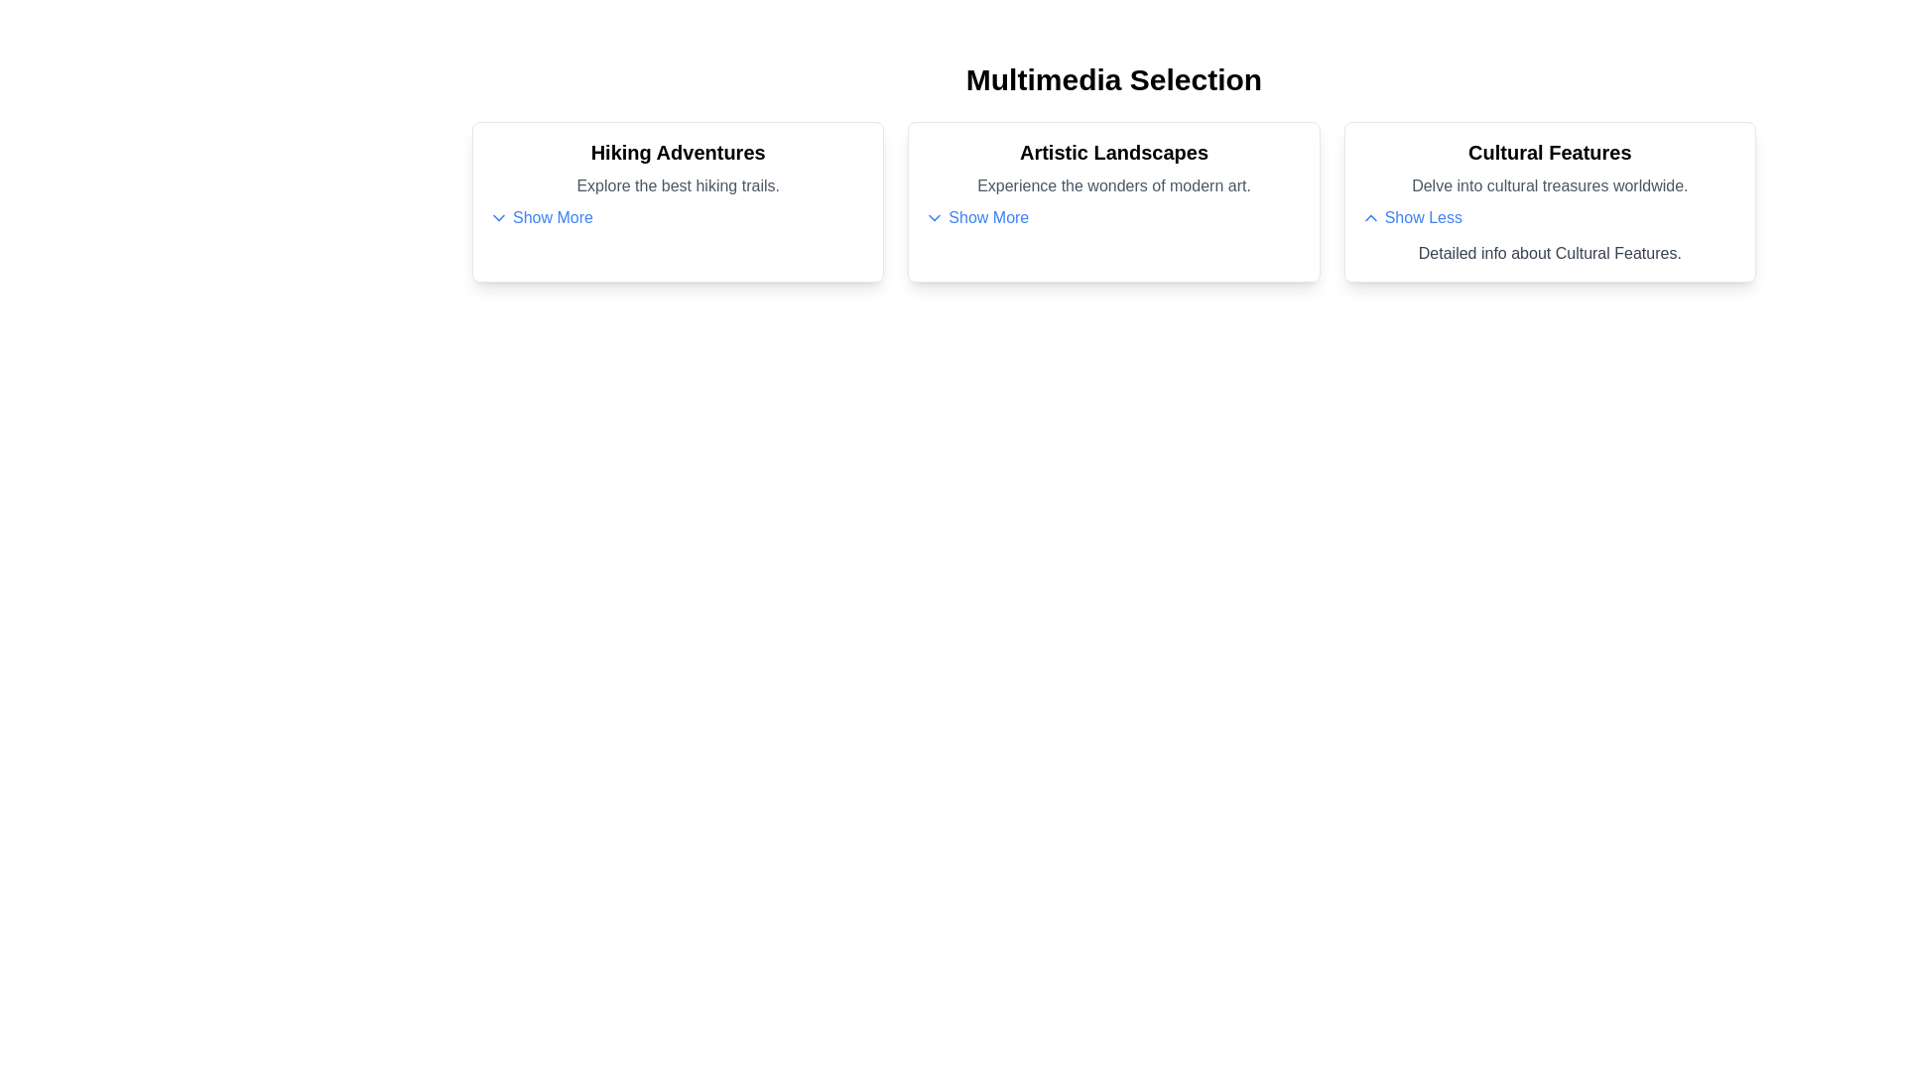  I want to click on the text content of the card titled Artistic Landscapes, so click(1114, 152).